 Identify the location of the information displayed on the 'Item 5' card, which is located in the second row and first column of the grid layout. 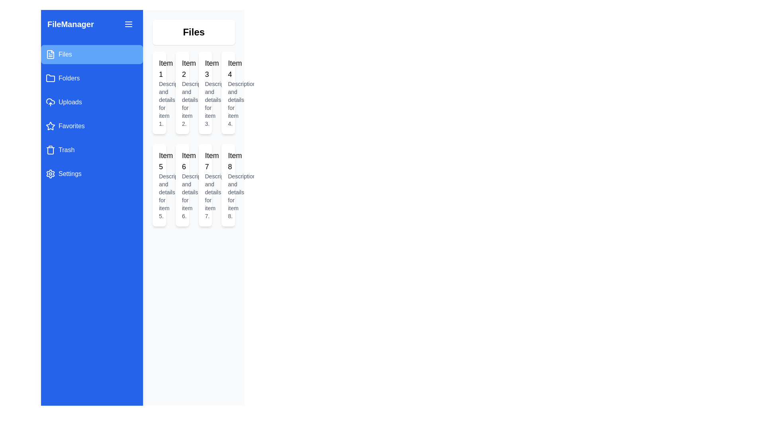
(159, 185).